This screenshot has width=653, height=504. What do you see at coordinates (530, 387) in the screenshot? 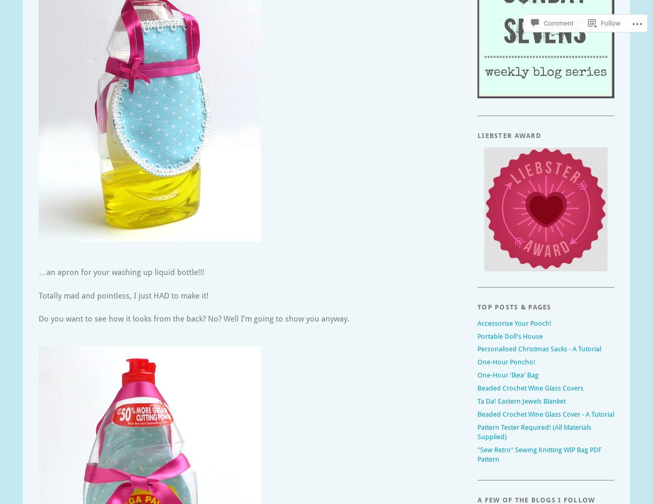
I see `'Beaded Crochet Wine Glass Covers'` at bounding box center [530, 387].